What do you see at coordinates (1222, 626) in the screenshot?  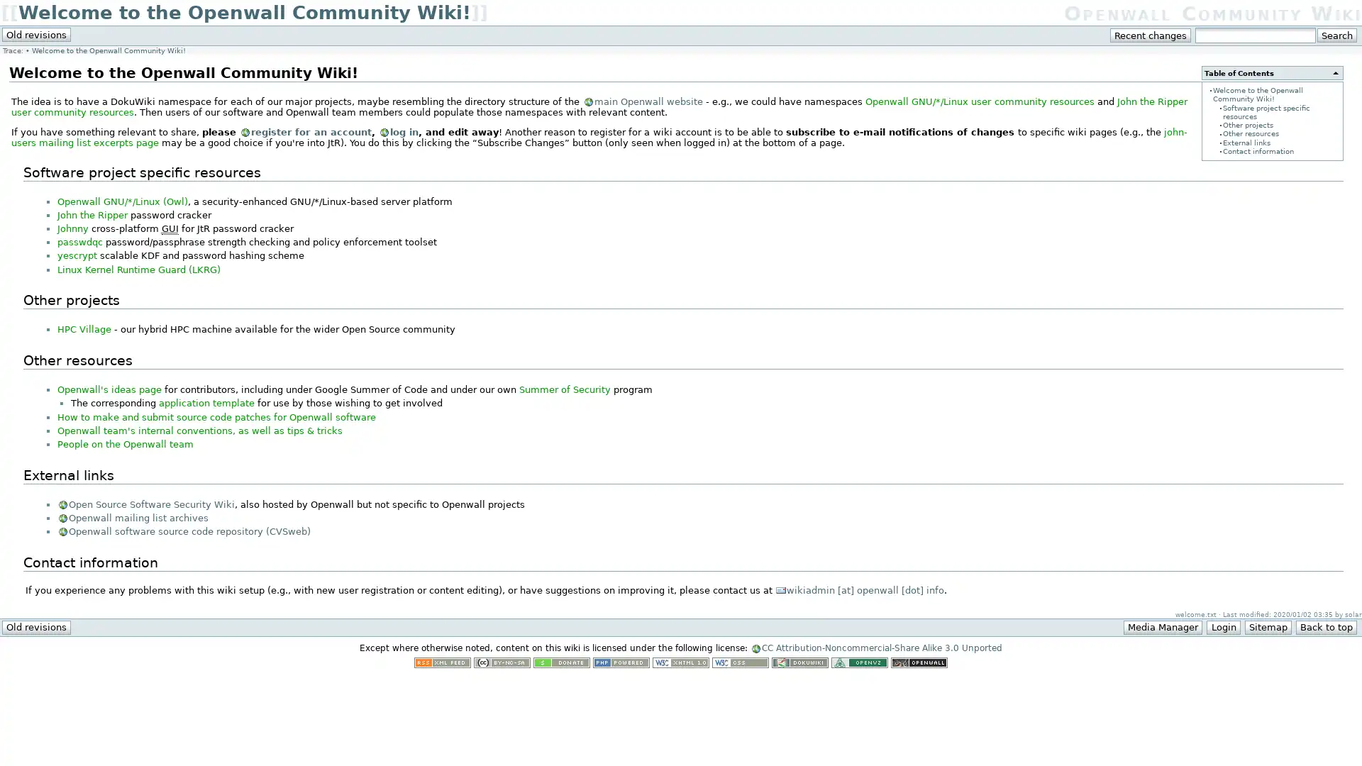 I see `Login` at bounding box center [1222, 626].